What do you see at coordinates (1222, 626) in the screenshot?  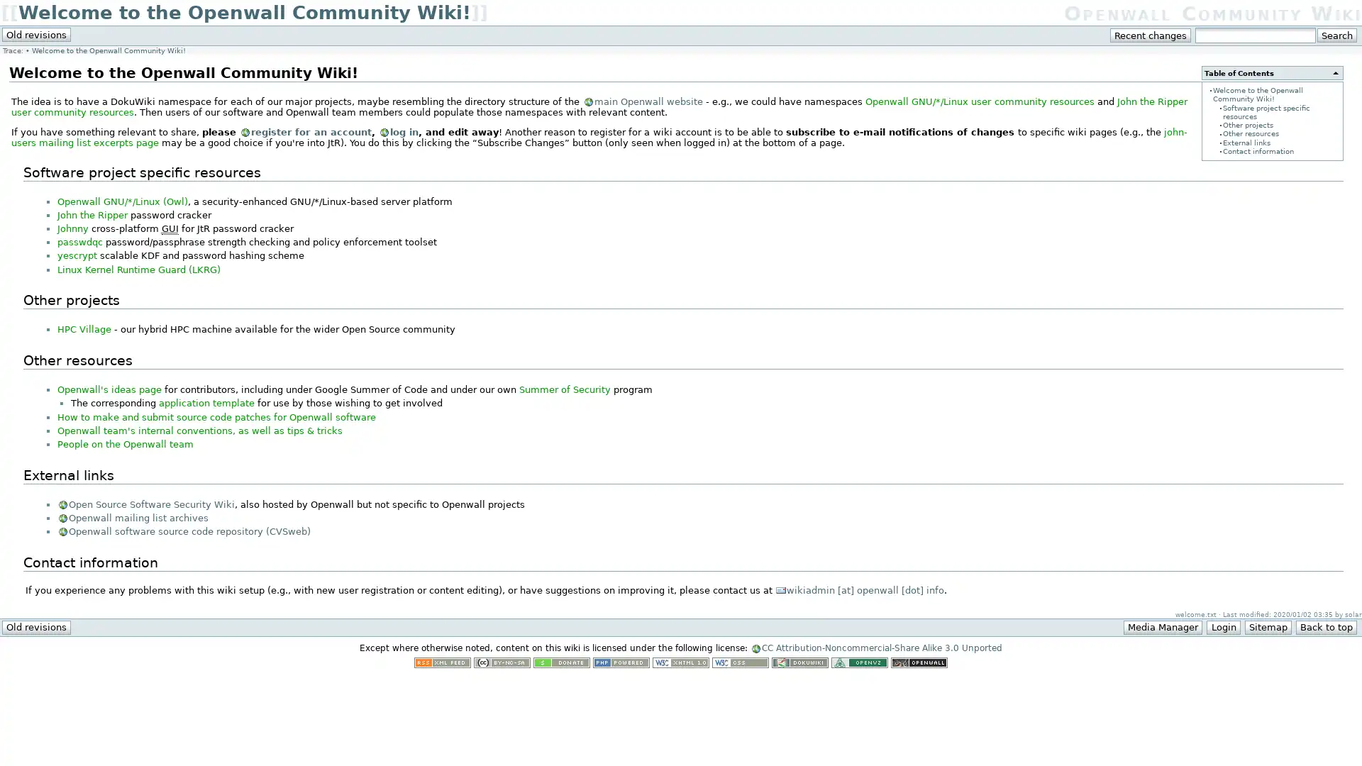 I see `Login` at bounding box center [1222, 626].